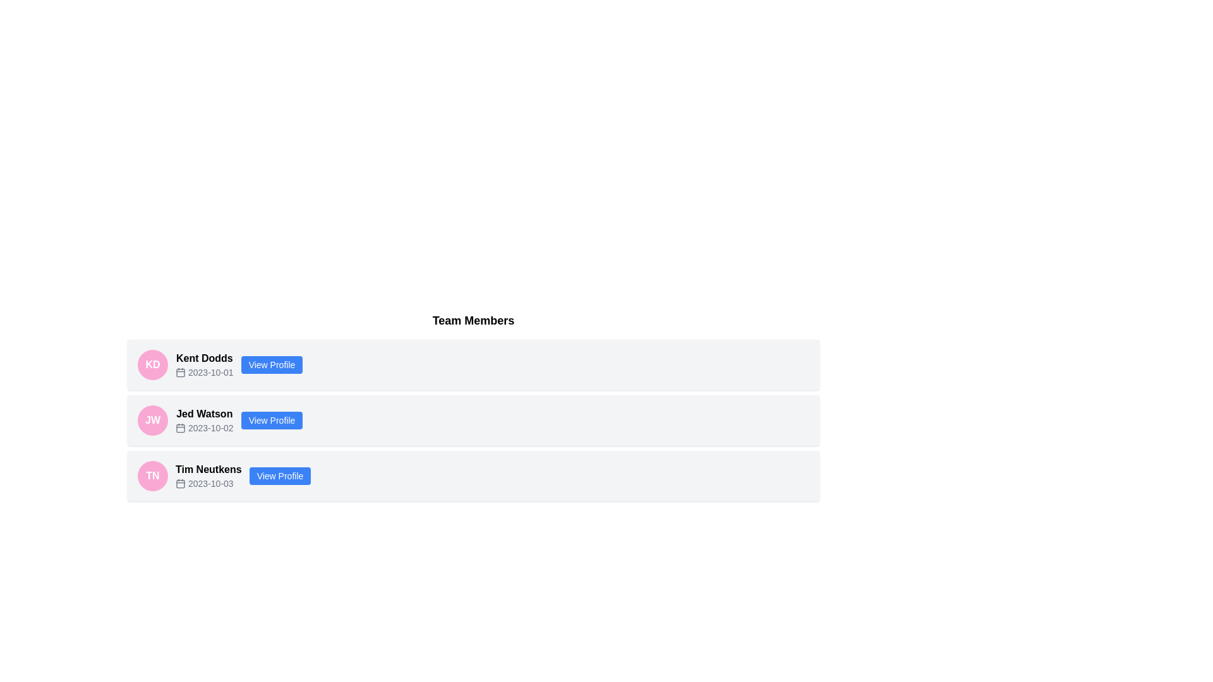 This screenshot has width=1213, height=682. I want to click on the date text element displaying '2023-10-03' in light gray font, located to the right of the calendar icon in the 'Team Members' list for 'Tim Neutkens', so click(210, 483).